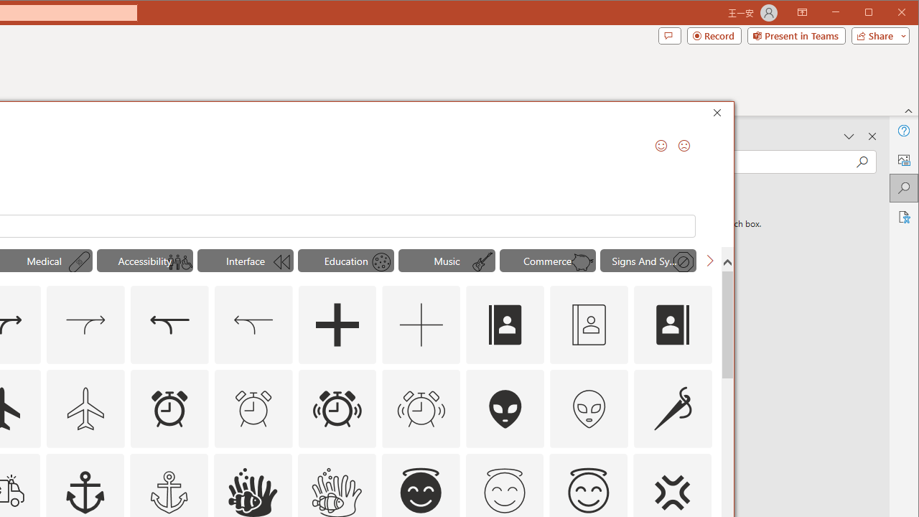  I want to click on 'AutomationID: Icons_Airplane_M', so click(85, 408).